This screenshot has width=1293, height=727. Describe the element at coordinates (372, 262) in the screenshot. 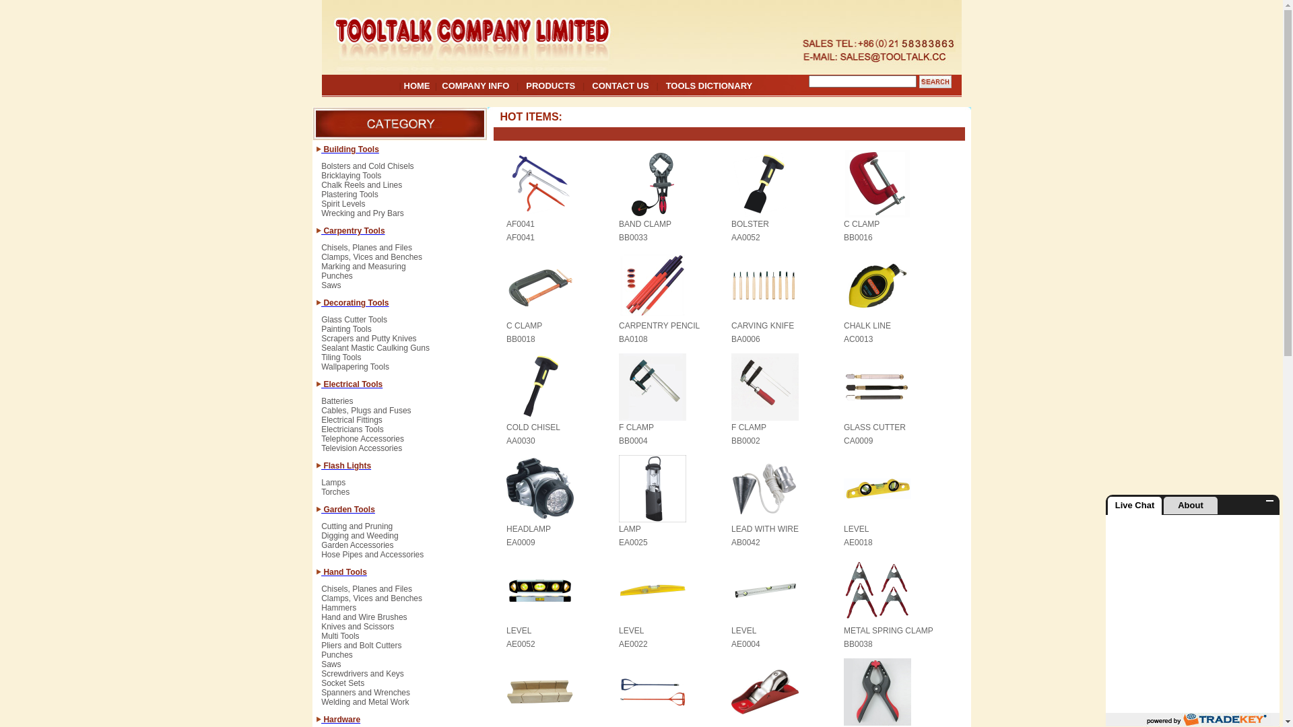

I see `'Clamps, Vices and Benches'` at that location.